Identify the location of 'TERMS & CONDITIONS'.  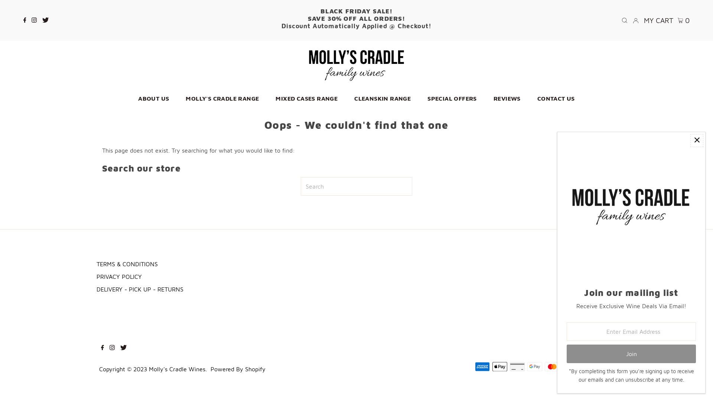
(127, 263).